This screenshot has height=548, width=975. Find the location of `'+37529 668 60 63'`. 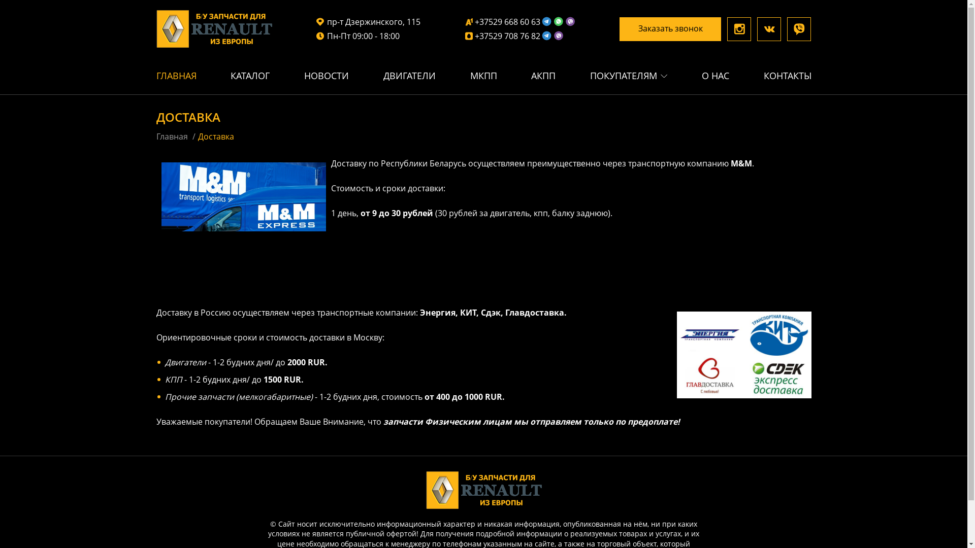

'+37529 668 60 63' is located at coordinates (520, 21).